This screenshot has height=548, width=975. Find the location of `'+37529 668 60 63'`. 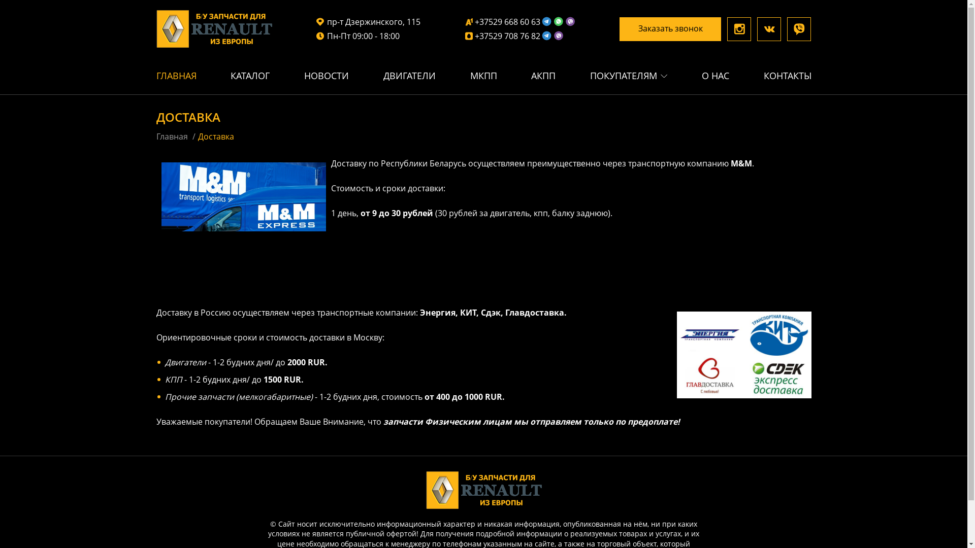

'+37529 668 60 63' is located at coordinates (520, 21).